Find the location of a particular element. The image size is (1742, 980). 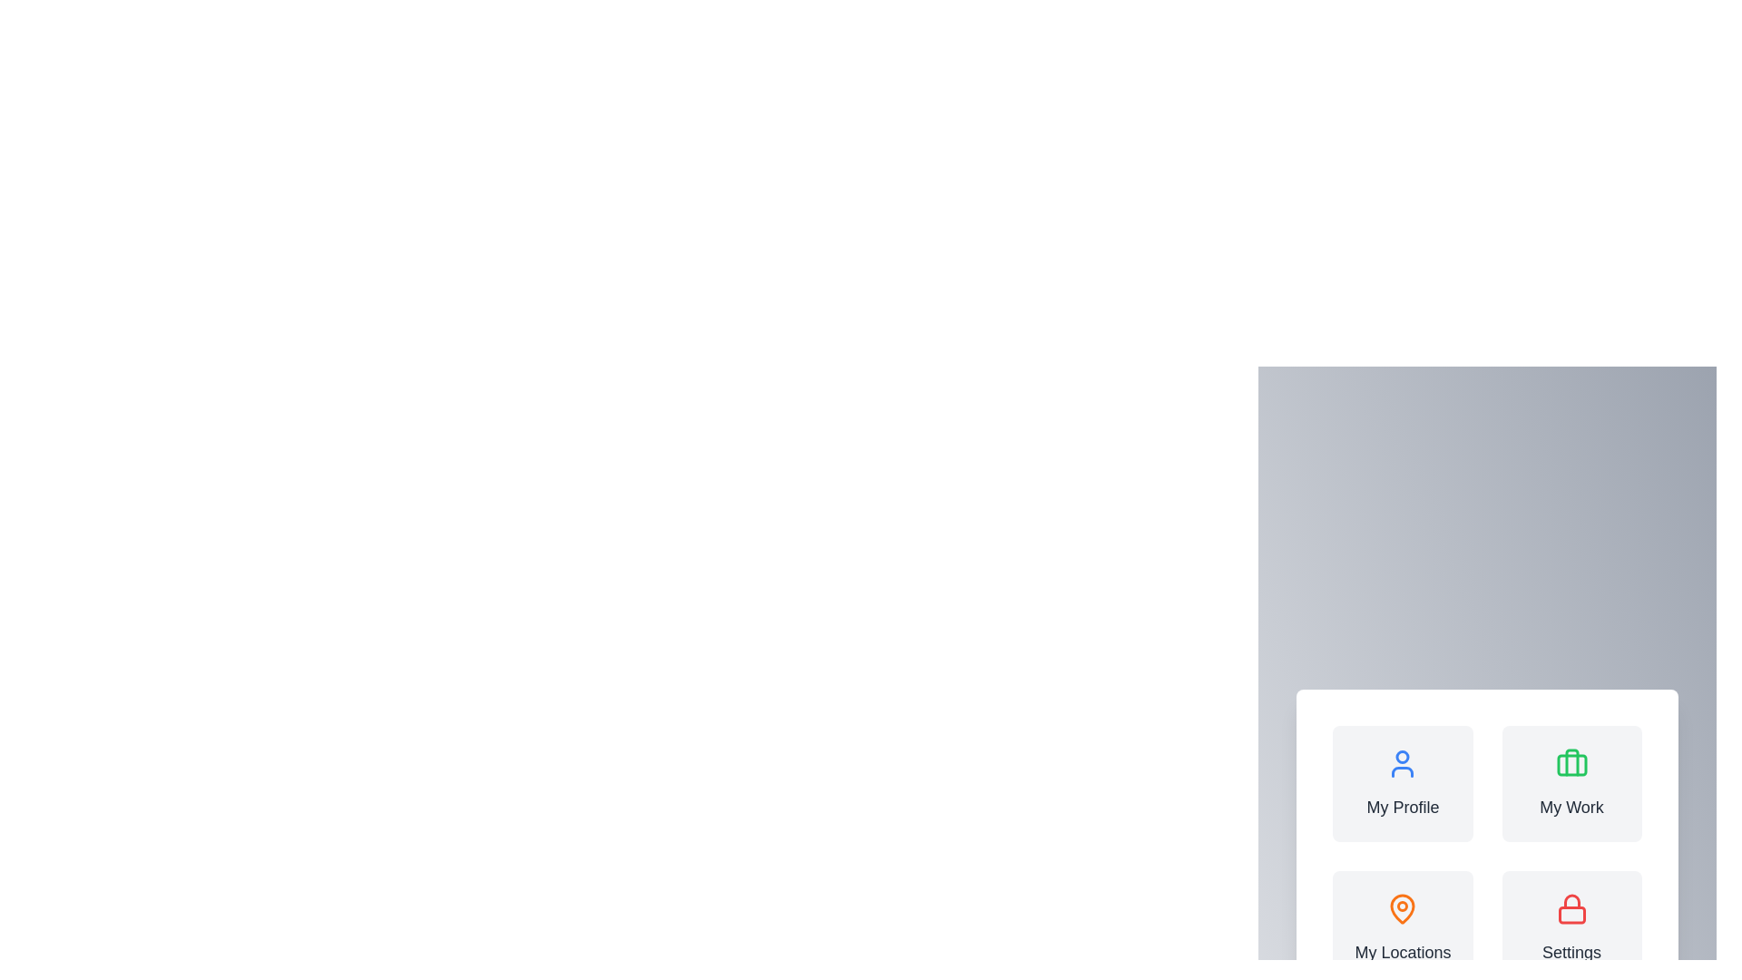

the bright orange map pin icon located within the lower left quadrant of the 'My Locations' section, which has a square white background and is positioned above its corresponding text label is located at coordinates (1402, 909).